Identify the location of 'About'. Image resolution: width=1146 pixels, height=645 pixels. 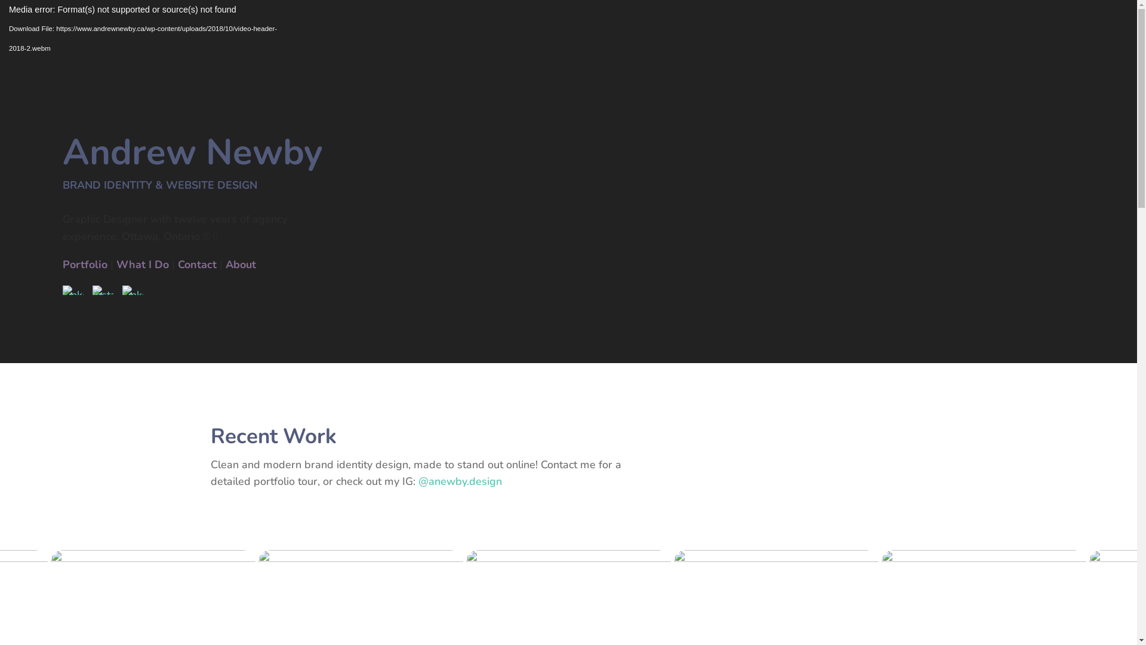
(226, 264).